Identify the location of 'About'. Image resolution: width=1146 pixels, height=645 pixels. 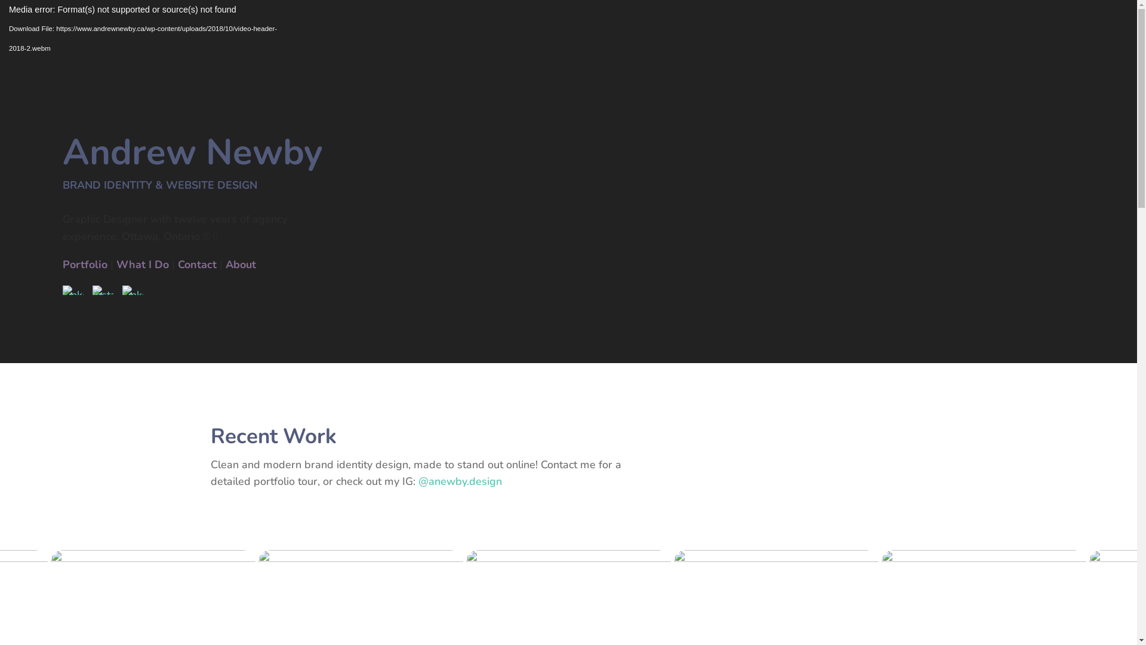
(226, 264).